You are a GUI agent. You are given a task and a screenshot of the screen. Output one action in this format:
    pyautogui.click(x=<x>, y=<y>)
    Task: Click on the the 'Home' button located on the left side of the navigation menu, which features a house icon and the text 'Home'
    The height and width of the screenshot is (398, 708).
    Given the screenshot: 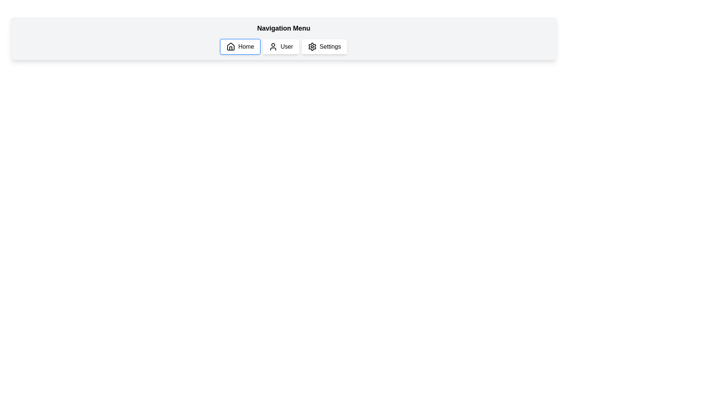 What is the action you would take?
    pyautogui.click(x=240, y=47)
    